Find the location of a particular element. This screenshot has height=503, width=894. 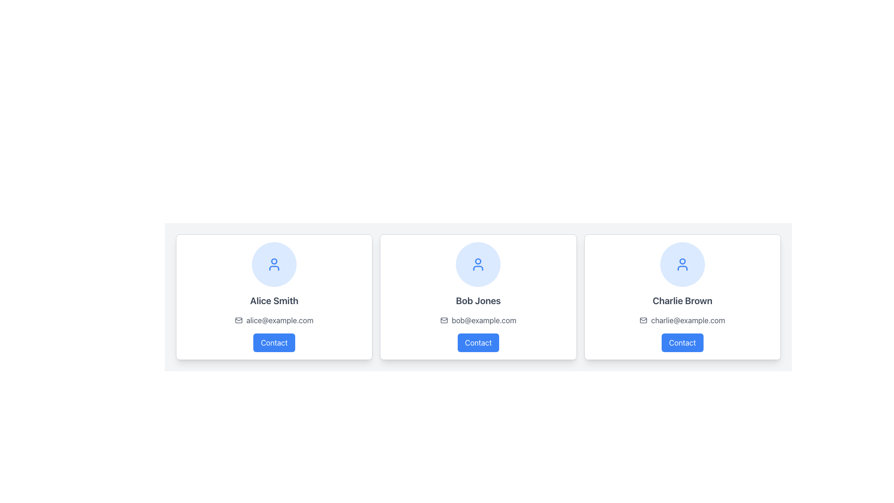

the small gray mail icon resembling an envelope located to the left of the email address 'bob@example.com' in the second card from the left is located at coordinates (444, 319).